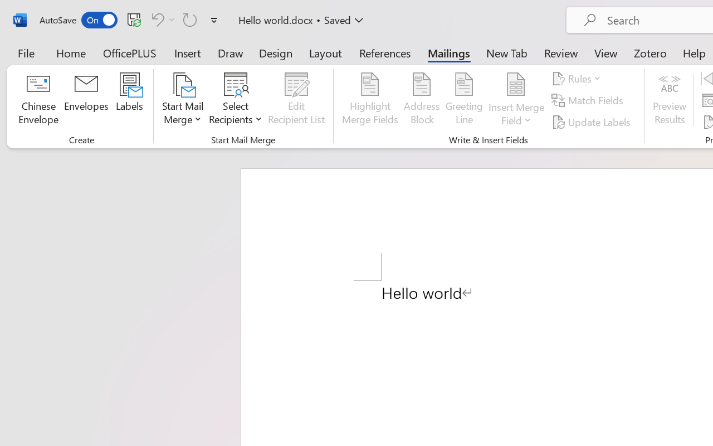 This screenshot has width=713, height=446. What do you see at coordinates (578, 79) in the screenshot?
I see `'Rules'` at bounding box center [578, 79].